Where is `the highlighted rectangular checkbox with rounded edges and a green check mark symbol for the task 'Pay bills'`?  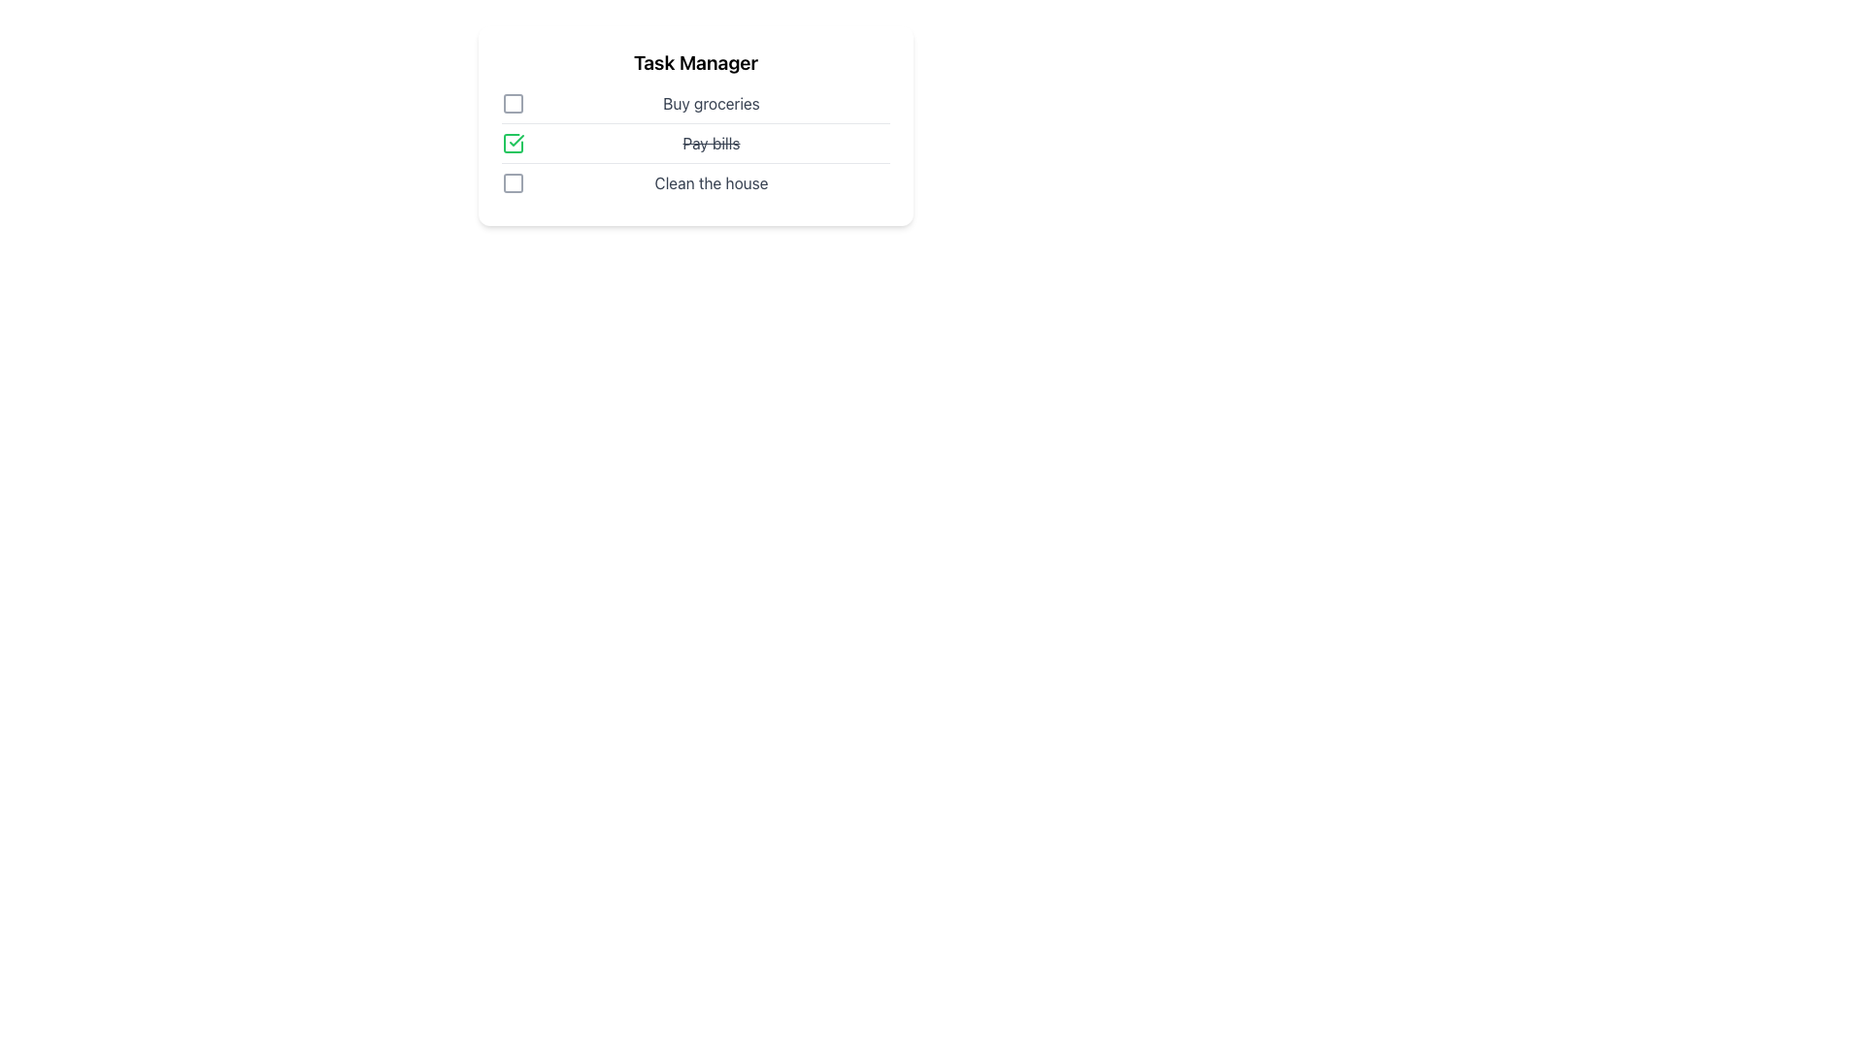 the highlighted rectangular checkbox with rounded edges and a green check mark symbol for the task 'Pay bills' is located at coordinates (513, 142).